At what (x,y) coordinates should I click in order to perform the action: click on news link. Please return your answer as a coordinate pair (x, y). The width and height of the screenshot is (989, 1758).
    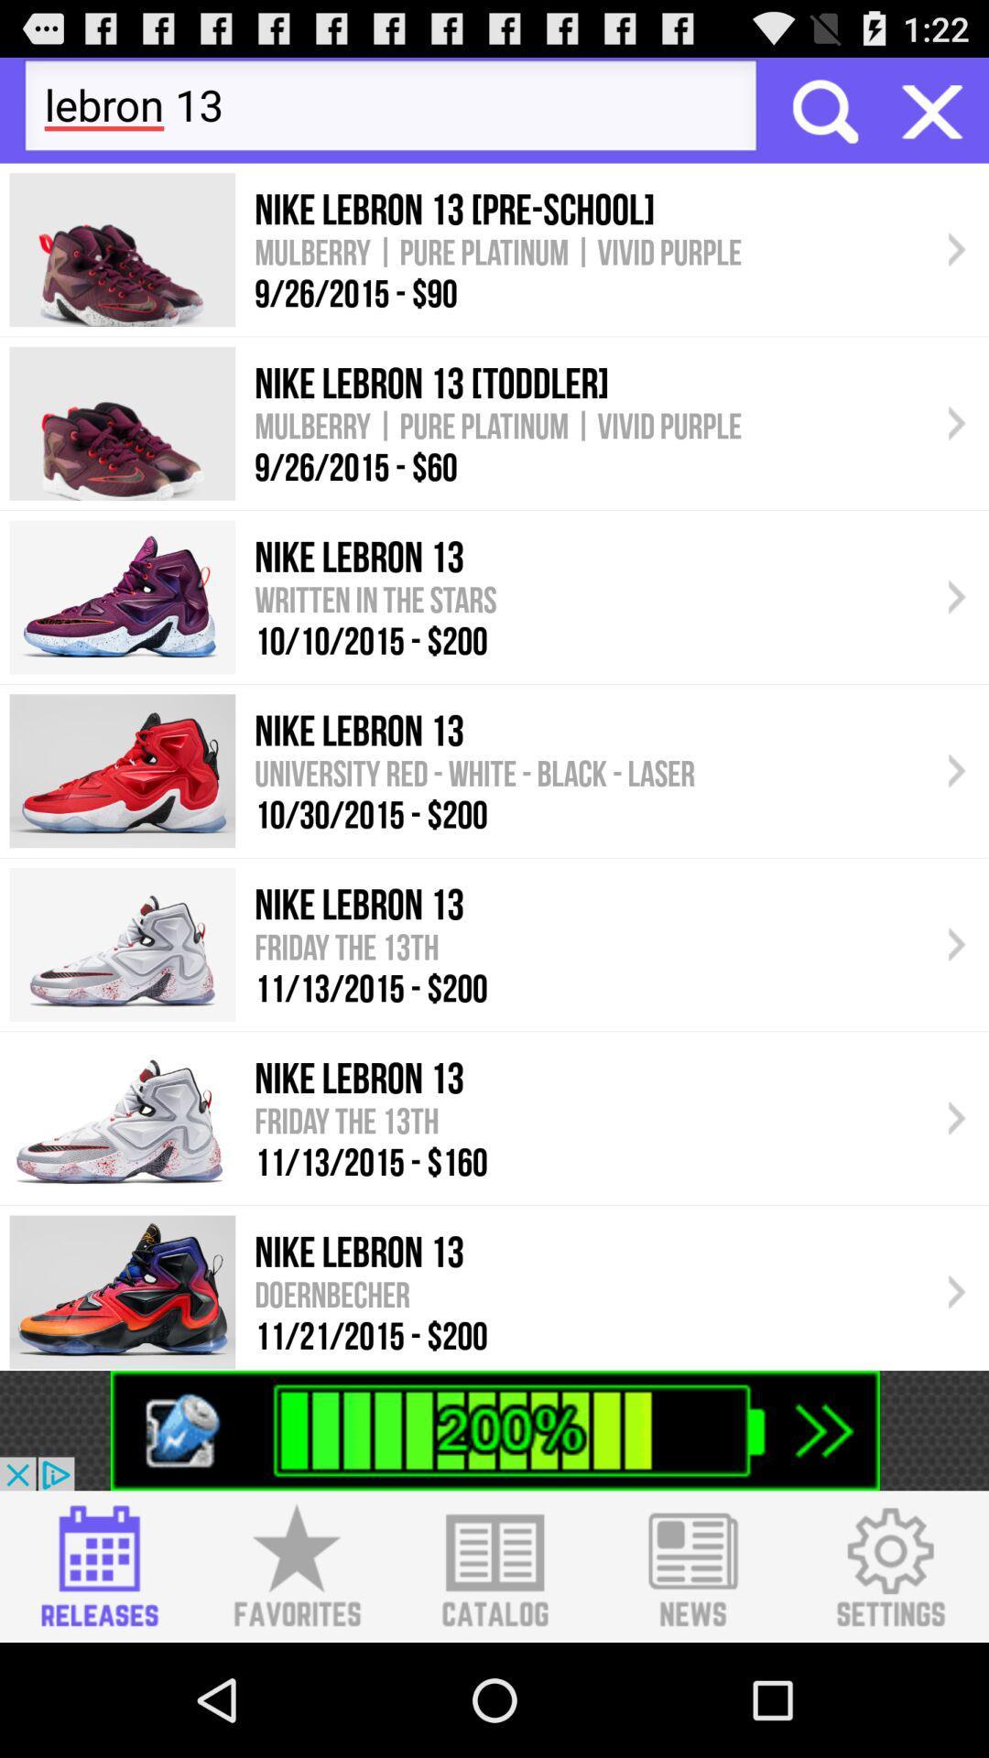
    Looking at the image, I should click on (692, 1566).